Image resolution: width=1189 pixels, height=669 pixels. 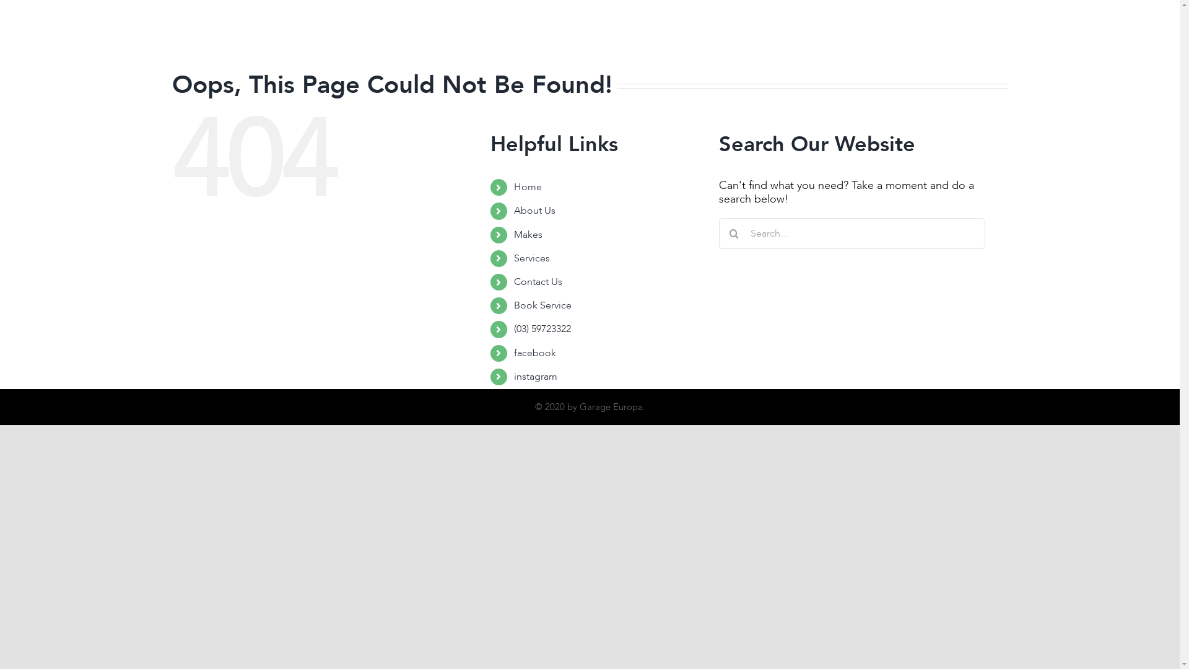 What do you see at coordinates (514, 376) in the screenshot?
I see `'instagram'` at bounding box center [514, 376].